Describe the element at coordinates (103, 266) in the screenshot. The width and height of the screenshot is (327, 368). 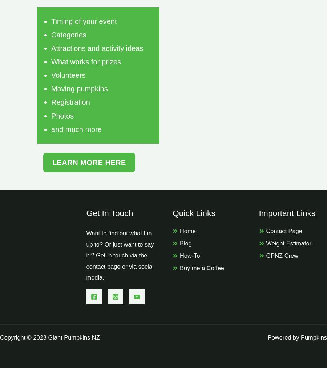
I see `'contact page'` at that location.